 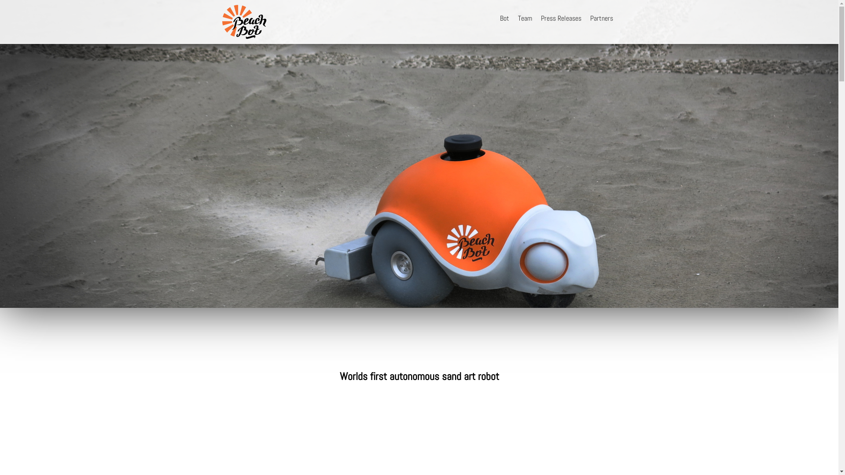 I want to click on 'Team', so click(x=524, y=18).